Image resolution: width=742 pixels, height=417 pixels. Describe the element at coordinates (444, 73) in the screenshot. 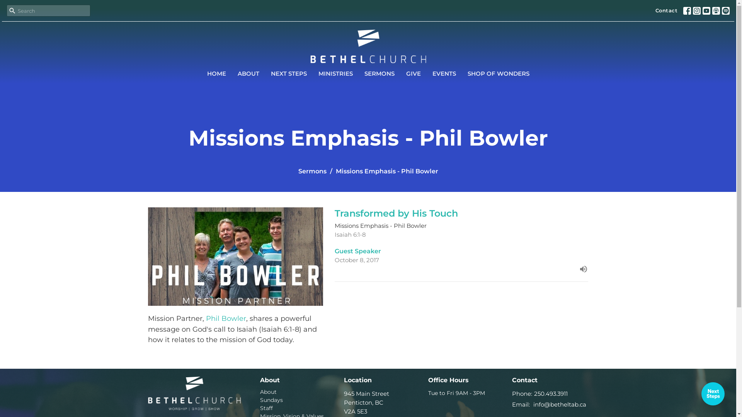

I see `'EVENTS'` at that location.